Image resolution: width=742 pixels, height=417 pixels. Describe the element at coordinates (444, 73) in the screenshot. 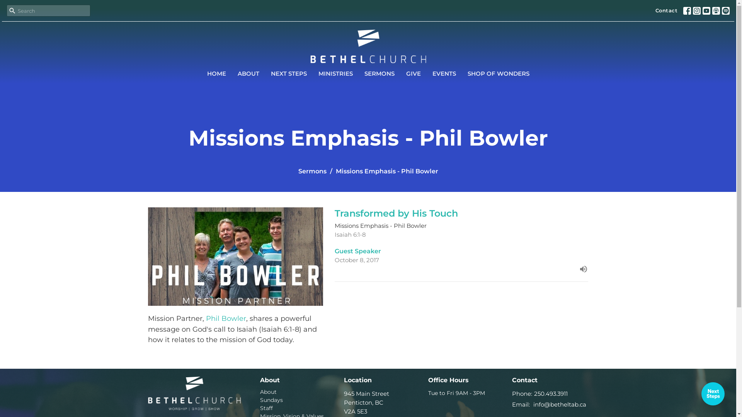

I see `'EVENTS'` at that location.